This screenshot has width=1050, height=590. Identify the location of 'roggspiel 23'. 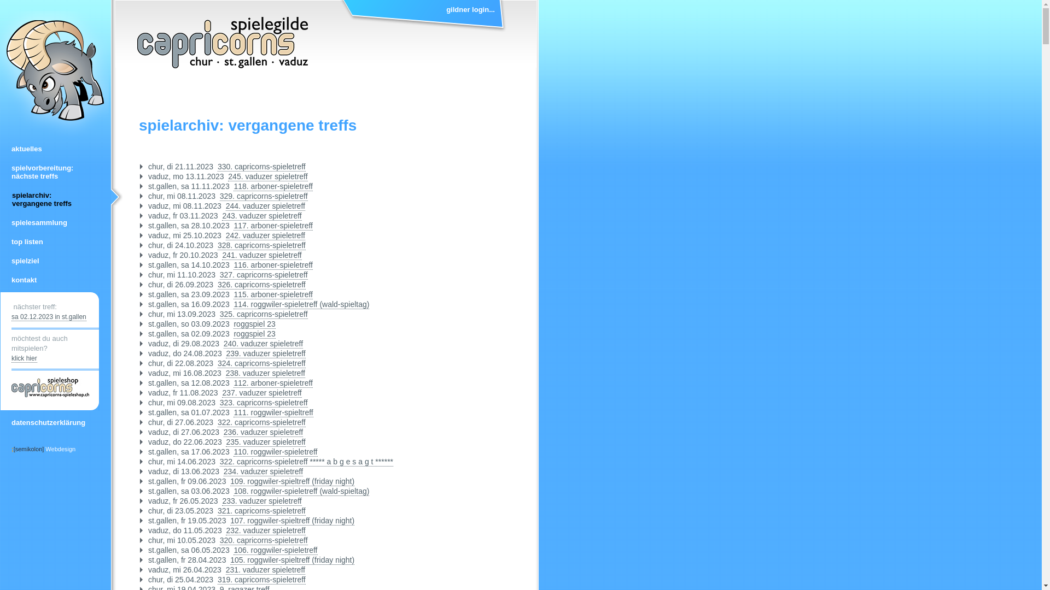
(254, 323).